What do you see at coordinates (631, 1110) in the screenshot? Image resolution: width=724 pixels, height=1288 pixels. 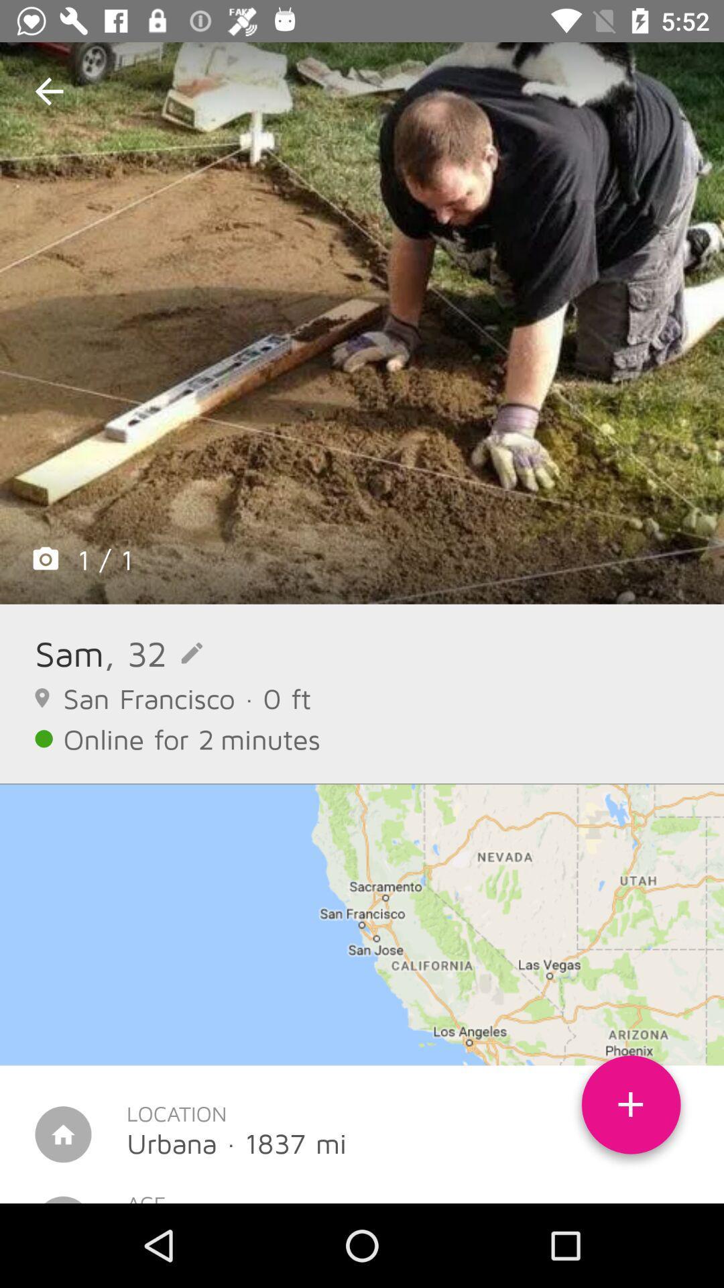 I see `the add icon` at bounding box center [631, 1110].